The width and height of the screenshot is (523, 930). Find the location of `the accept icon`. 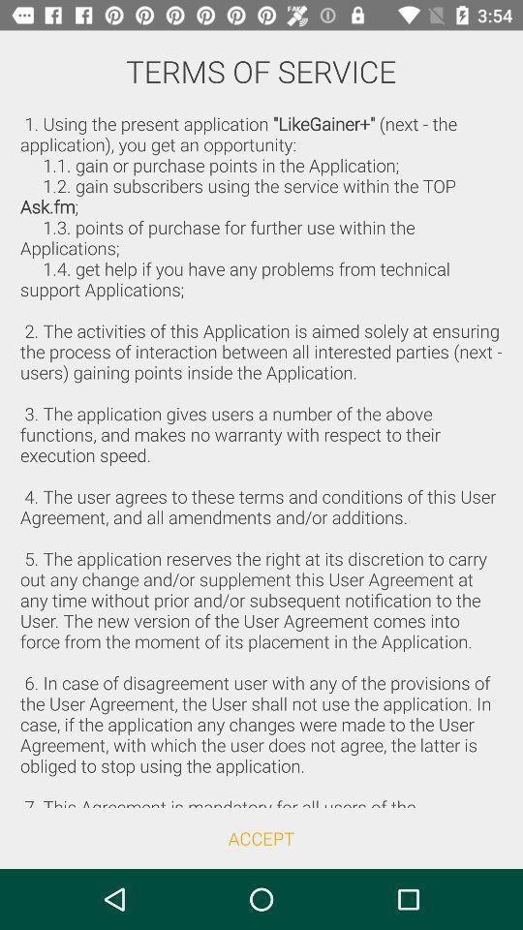

the accept icon is located at coordinates (261, 837).